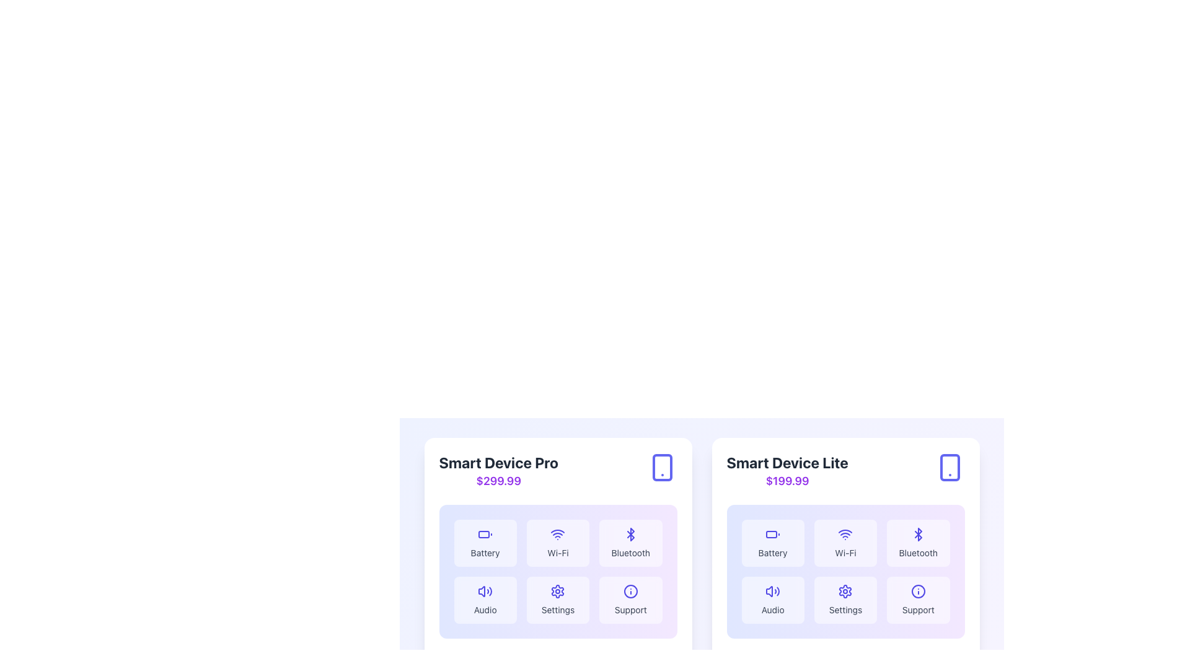  What do you see at coordinates (772, 599) in the screenshot?
I see `the interactive card with a speaker symbol labeled 'Audio' in the second column of the grid layout` at bounding box center [772, 599].